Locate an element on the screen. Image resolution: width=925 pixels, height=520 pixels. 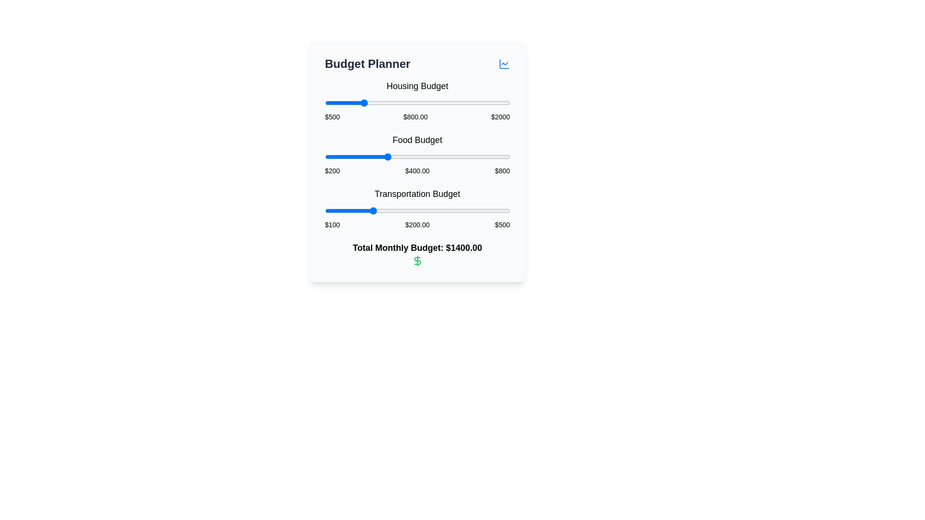
the text display showing '$100' in black font, which is the first item in the 'Transportation Budget' segment is located at coordinates (332, 224).